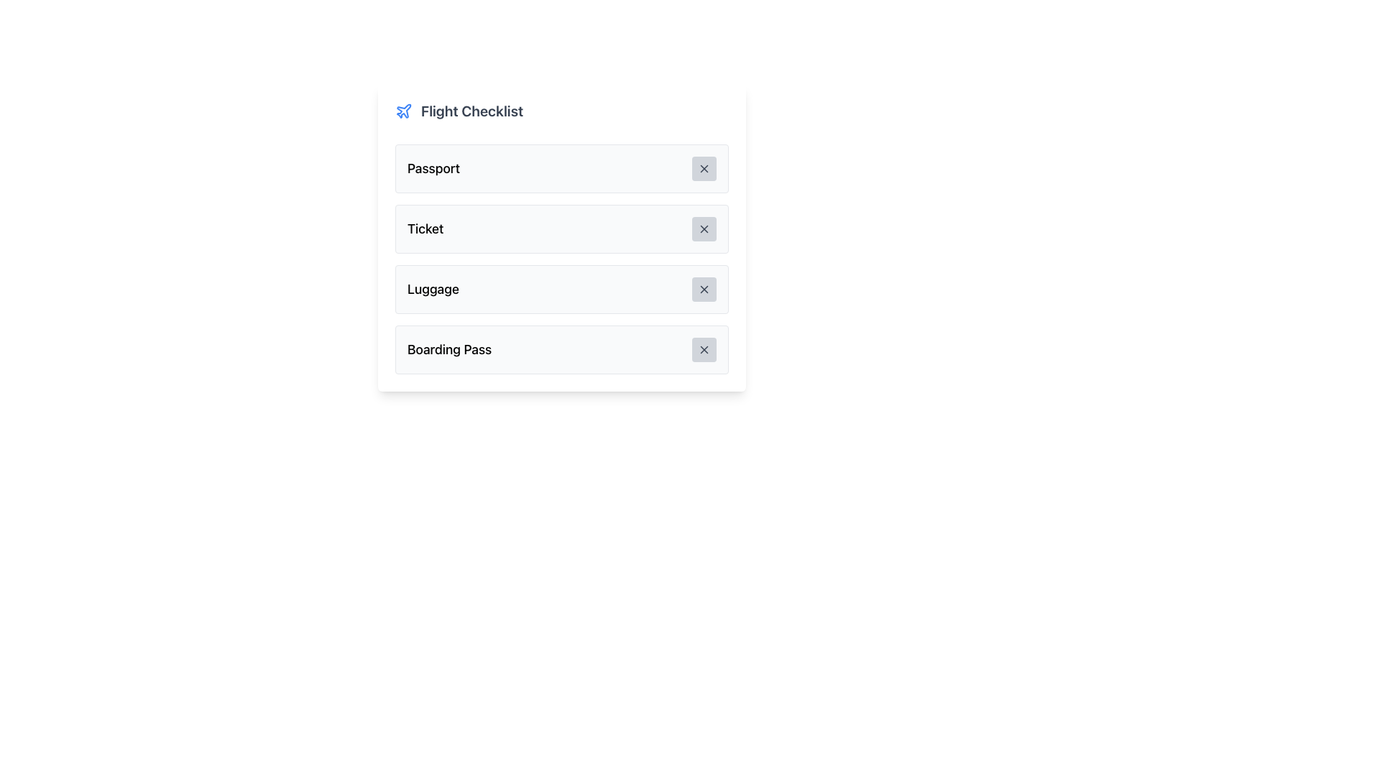  I want to click on the 'Boarding Pass' static text element, which is styled with a large bold font and located on the left side of the last card in the 'Flight Checklist' section, so click(448, 349).